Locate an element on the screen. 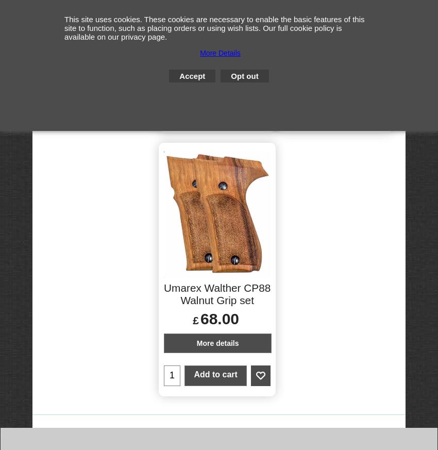 The width and height of the screenshot is (438, 450). 'Opt out' is located at coordinates (230, 76).